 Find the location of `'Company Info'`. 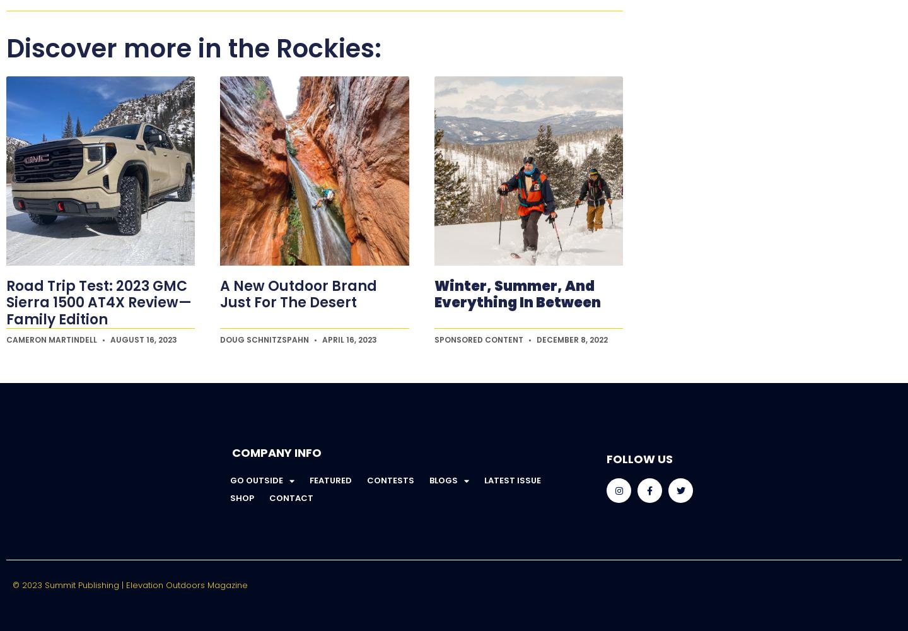

'Company Info' is located at coordinates (231, 451).